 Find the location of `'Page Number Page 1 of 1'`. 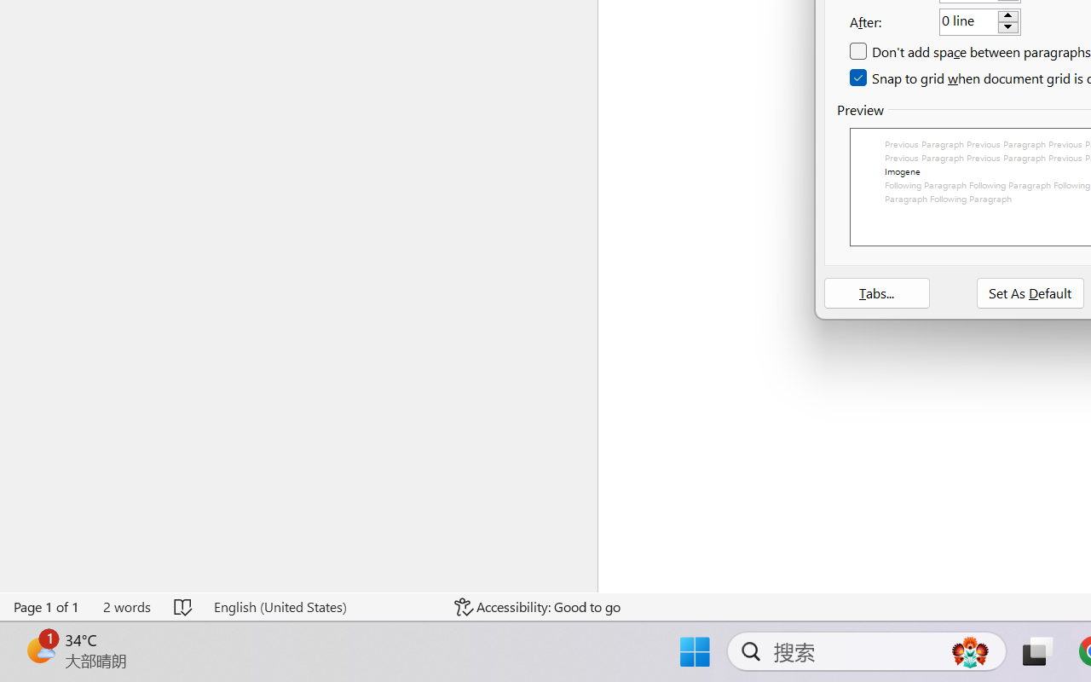

'Page Number Page 1 of 1' is located at coordinates (47, 606).